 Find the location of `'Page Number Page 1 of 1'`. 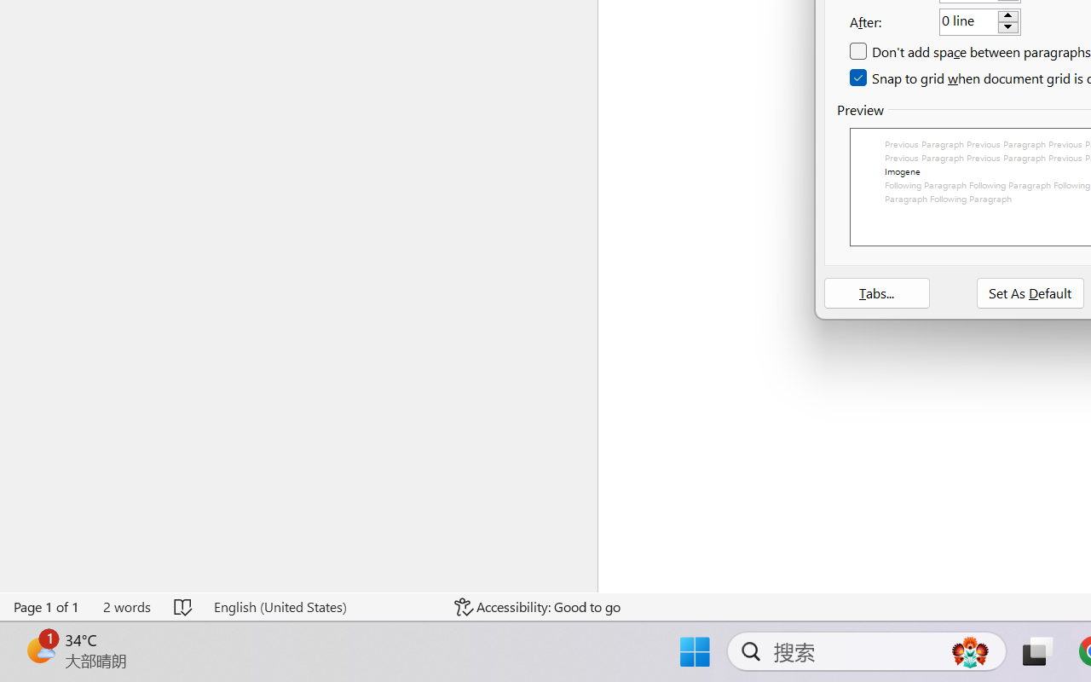

'Page Number Page 1 of 1' is located at coordinates (47, 606).